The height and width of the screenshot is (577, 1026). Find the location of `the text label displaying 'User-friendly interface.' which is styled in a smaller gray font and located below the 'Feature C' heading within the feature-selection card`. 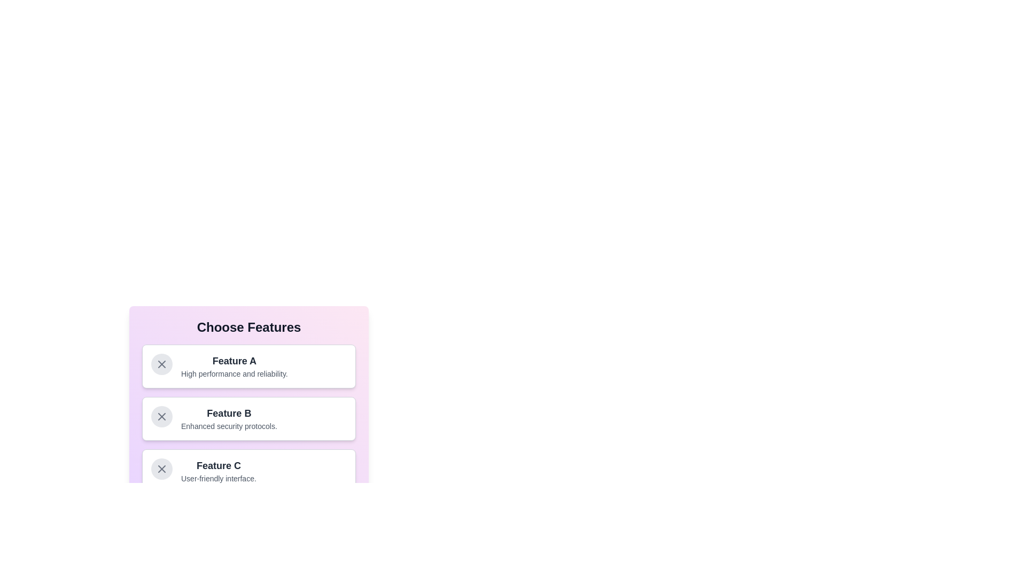

the text label displaying 'User-friendly interface.' which is styled in a smaller gray font and located below the 'Feature C' heading within the feature-selection card is located at coordinates (218, 478).